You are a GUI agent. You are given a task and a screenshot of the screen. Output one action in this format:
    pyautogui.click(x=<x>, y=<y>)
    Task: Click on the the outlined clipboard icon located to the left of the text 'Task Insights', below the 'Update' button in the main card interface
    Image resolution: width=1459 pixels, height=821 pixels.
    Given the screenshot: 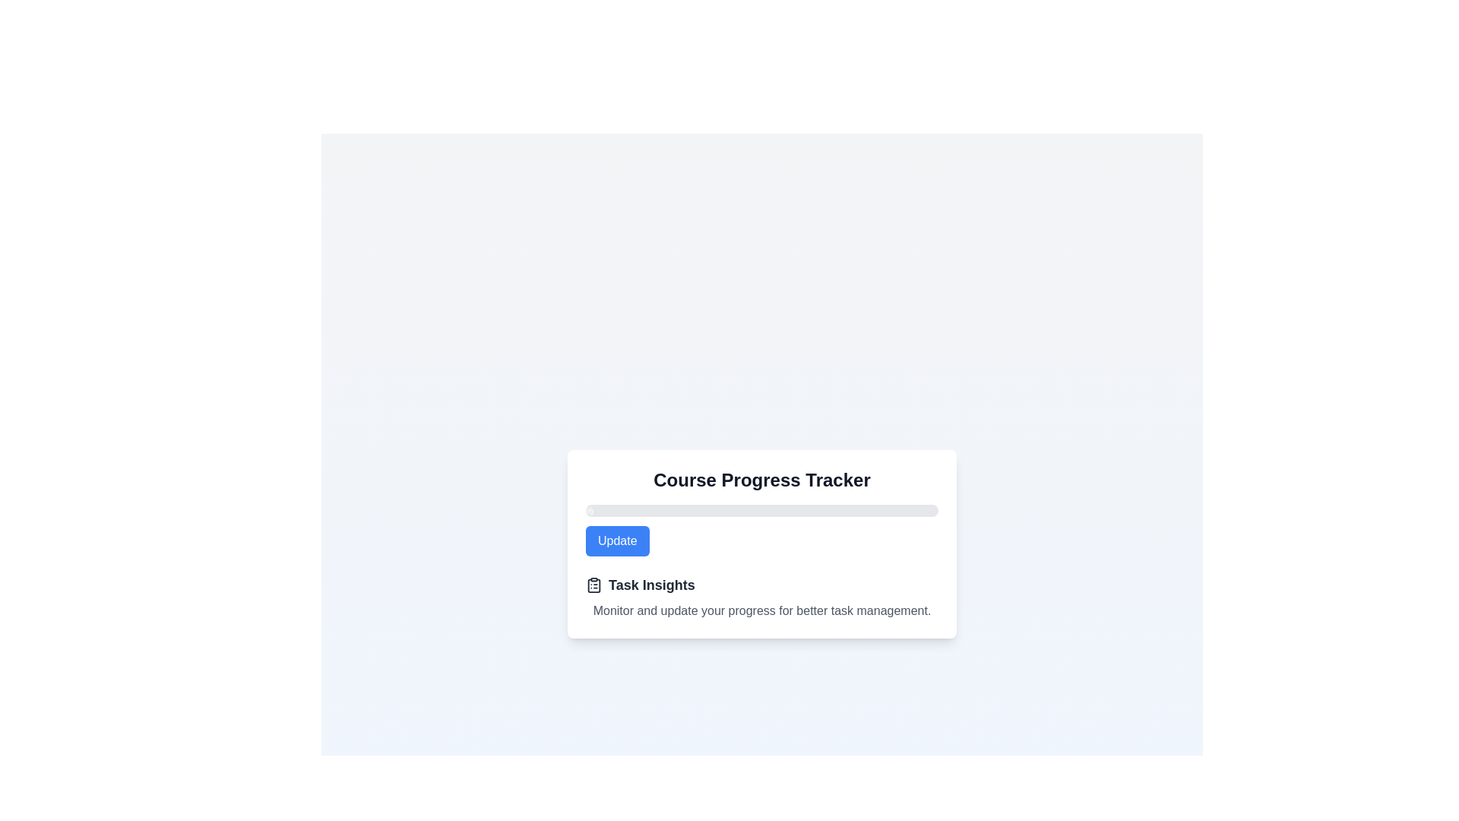 What is the action you would take?
    pyautogui.click(x=593, y=585)
    